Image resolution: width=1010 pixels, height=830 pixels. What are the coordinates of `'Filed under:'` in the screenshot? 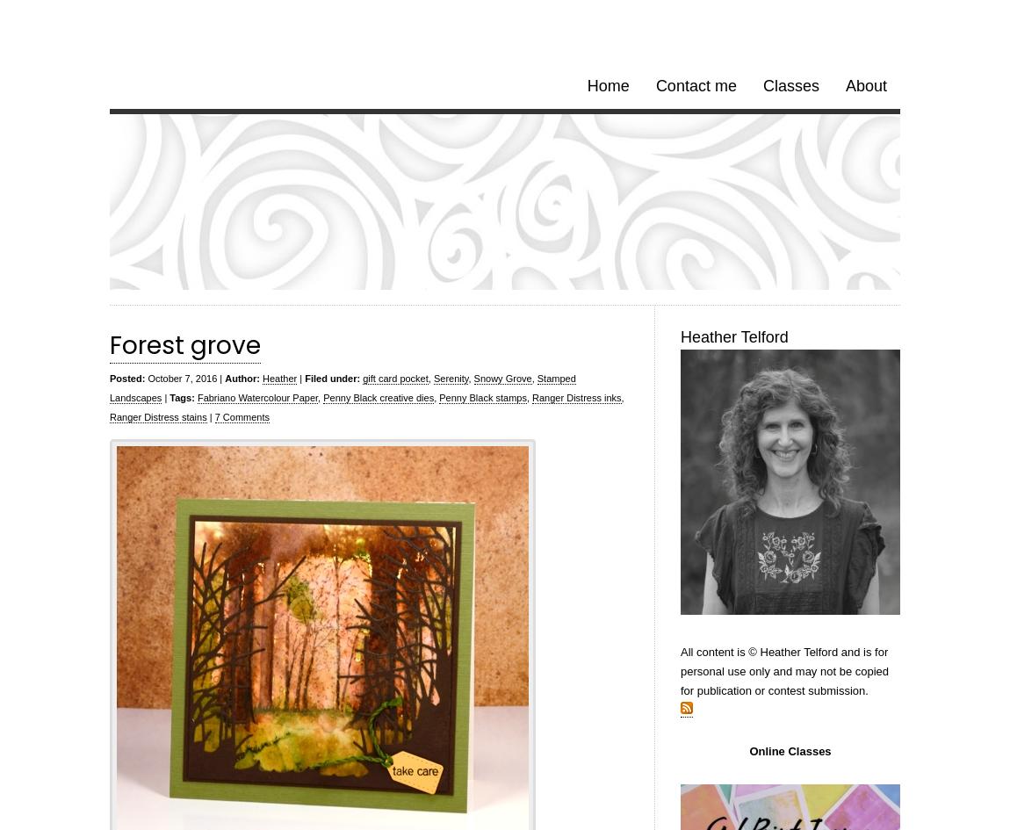 It's located at (304, 379).